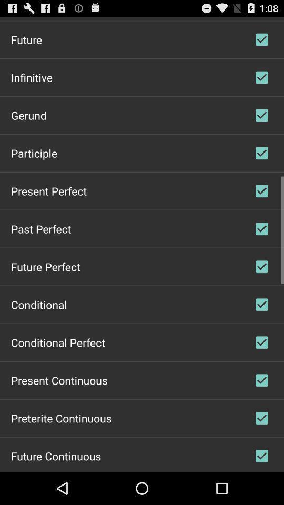  I want to click on the future continuous item, so click(56, 455).